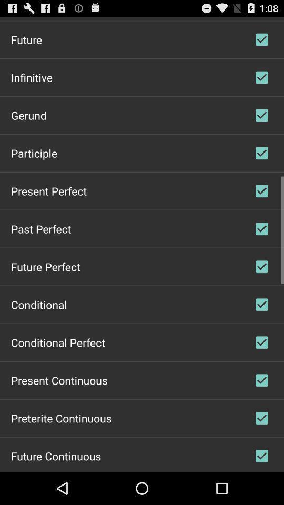  I want to click on the future continuous item, so click(56, 455).